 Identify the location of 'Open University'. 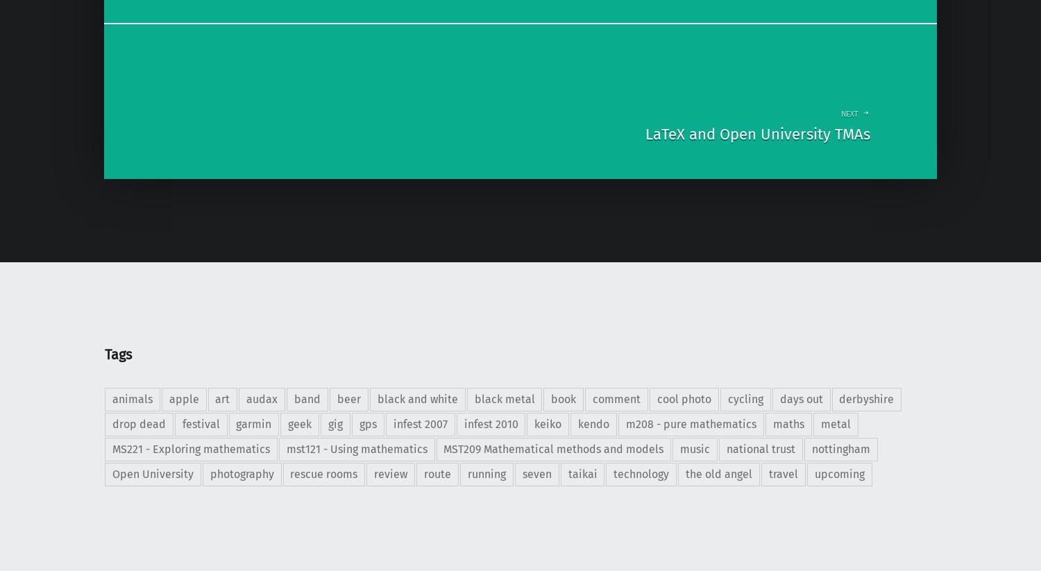
(151, 473).